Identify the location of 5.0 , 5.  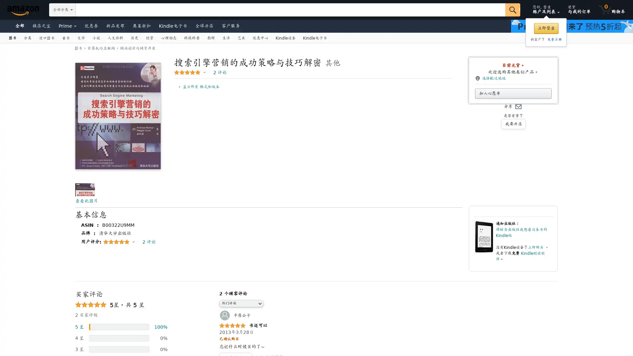
(190, 72).